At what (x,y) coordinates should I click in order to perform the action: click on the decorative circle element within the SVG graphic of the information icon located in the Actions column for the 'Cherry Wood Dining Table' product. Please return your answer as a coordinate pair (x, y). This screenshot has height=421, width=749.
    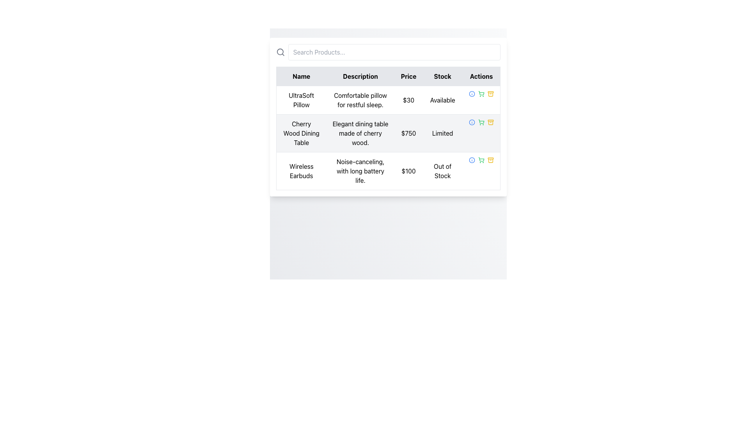
    Looking at the image, I should click on (471, 160).